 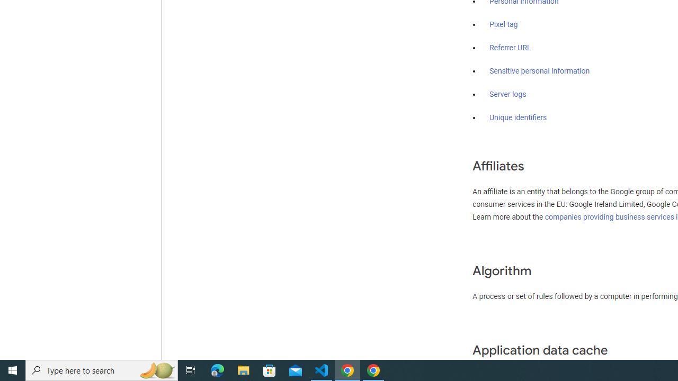 I want to click on 'Sensitive personal information', so click(x=539, y=71).